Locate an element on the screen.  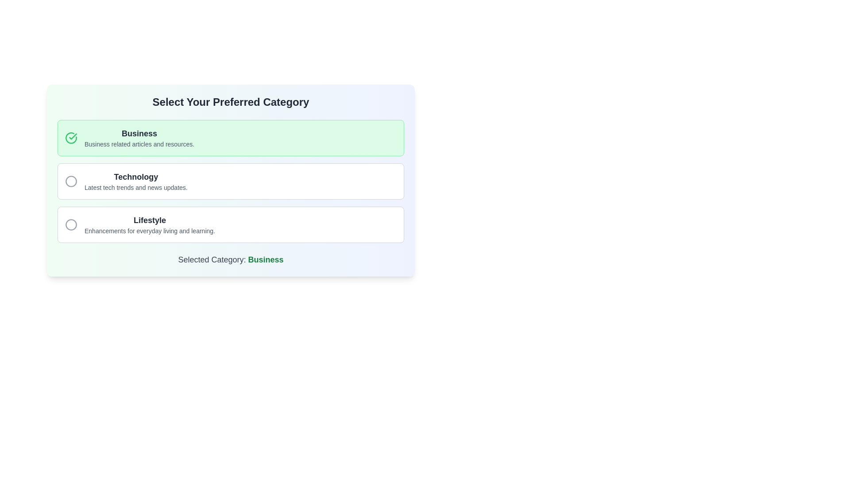
the circular green checkmark icon indicating the active state of the 'Business' category in the selection menu is located at coordinates (73, 136).